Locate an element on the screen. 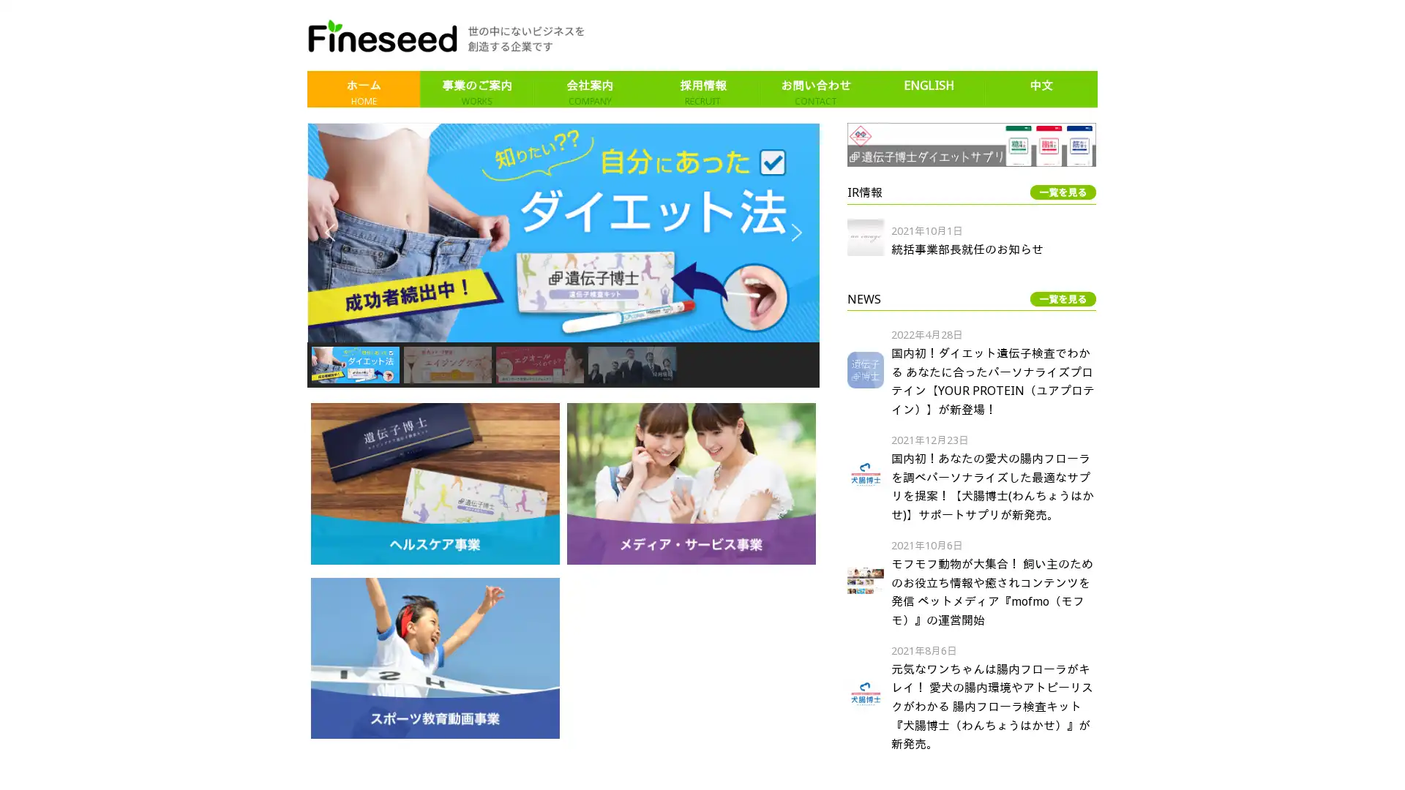 This screenshot has height=790, width=1405. previous arrow is located at coordinates (329, 231).